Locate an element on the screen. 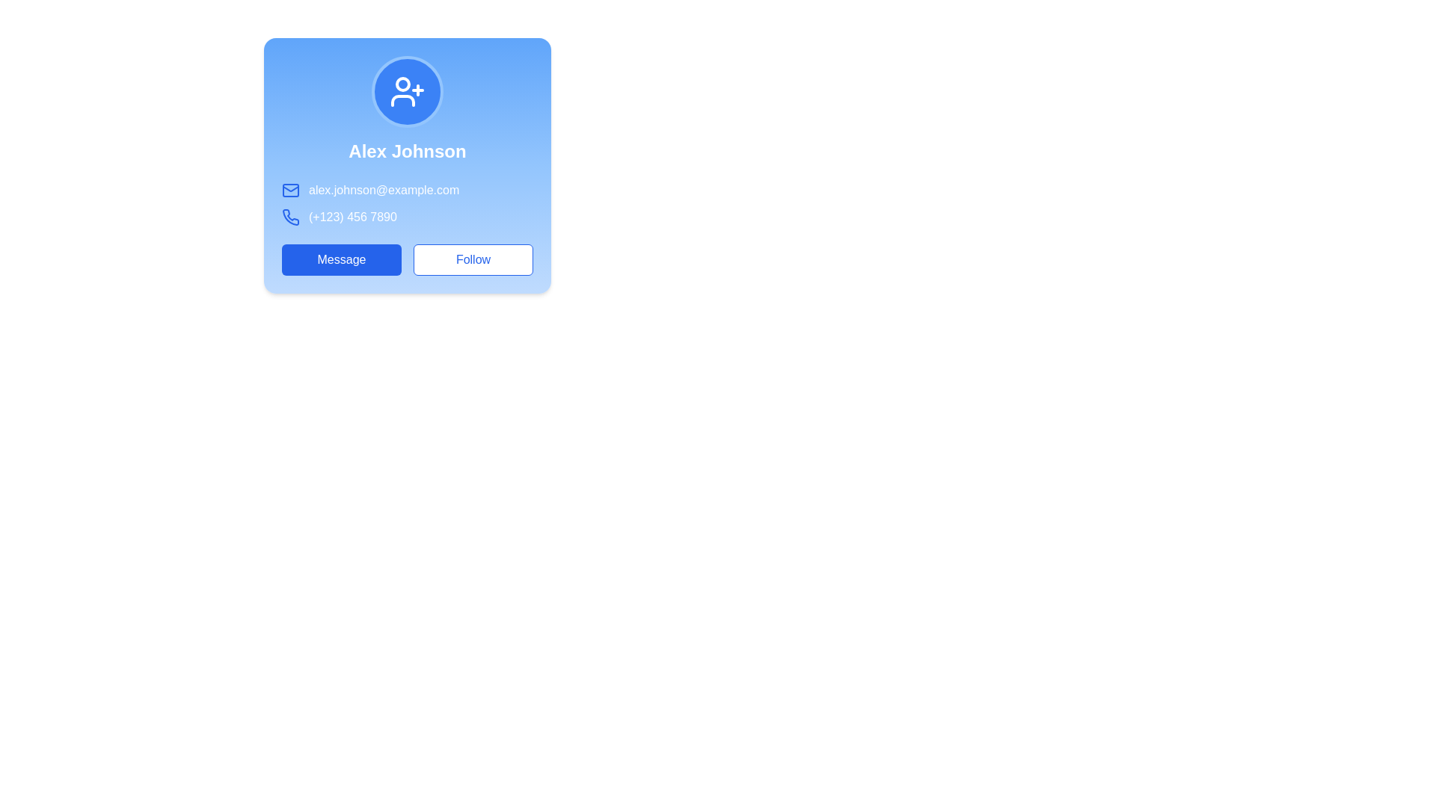 This screenshot has height=807, width=1436. the contact information display element located below 'Alex Johnson' is located at coordinates (408, 204).